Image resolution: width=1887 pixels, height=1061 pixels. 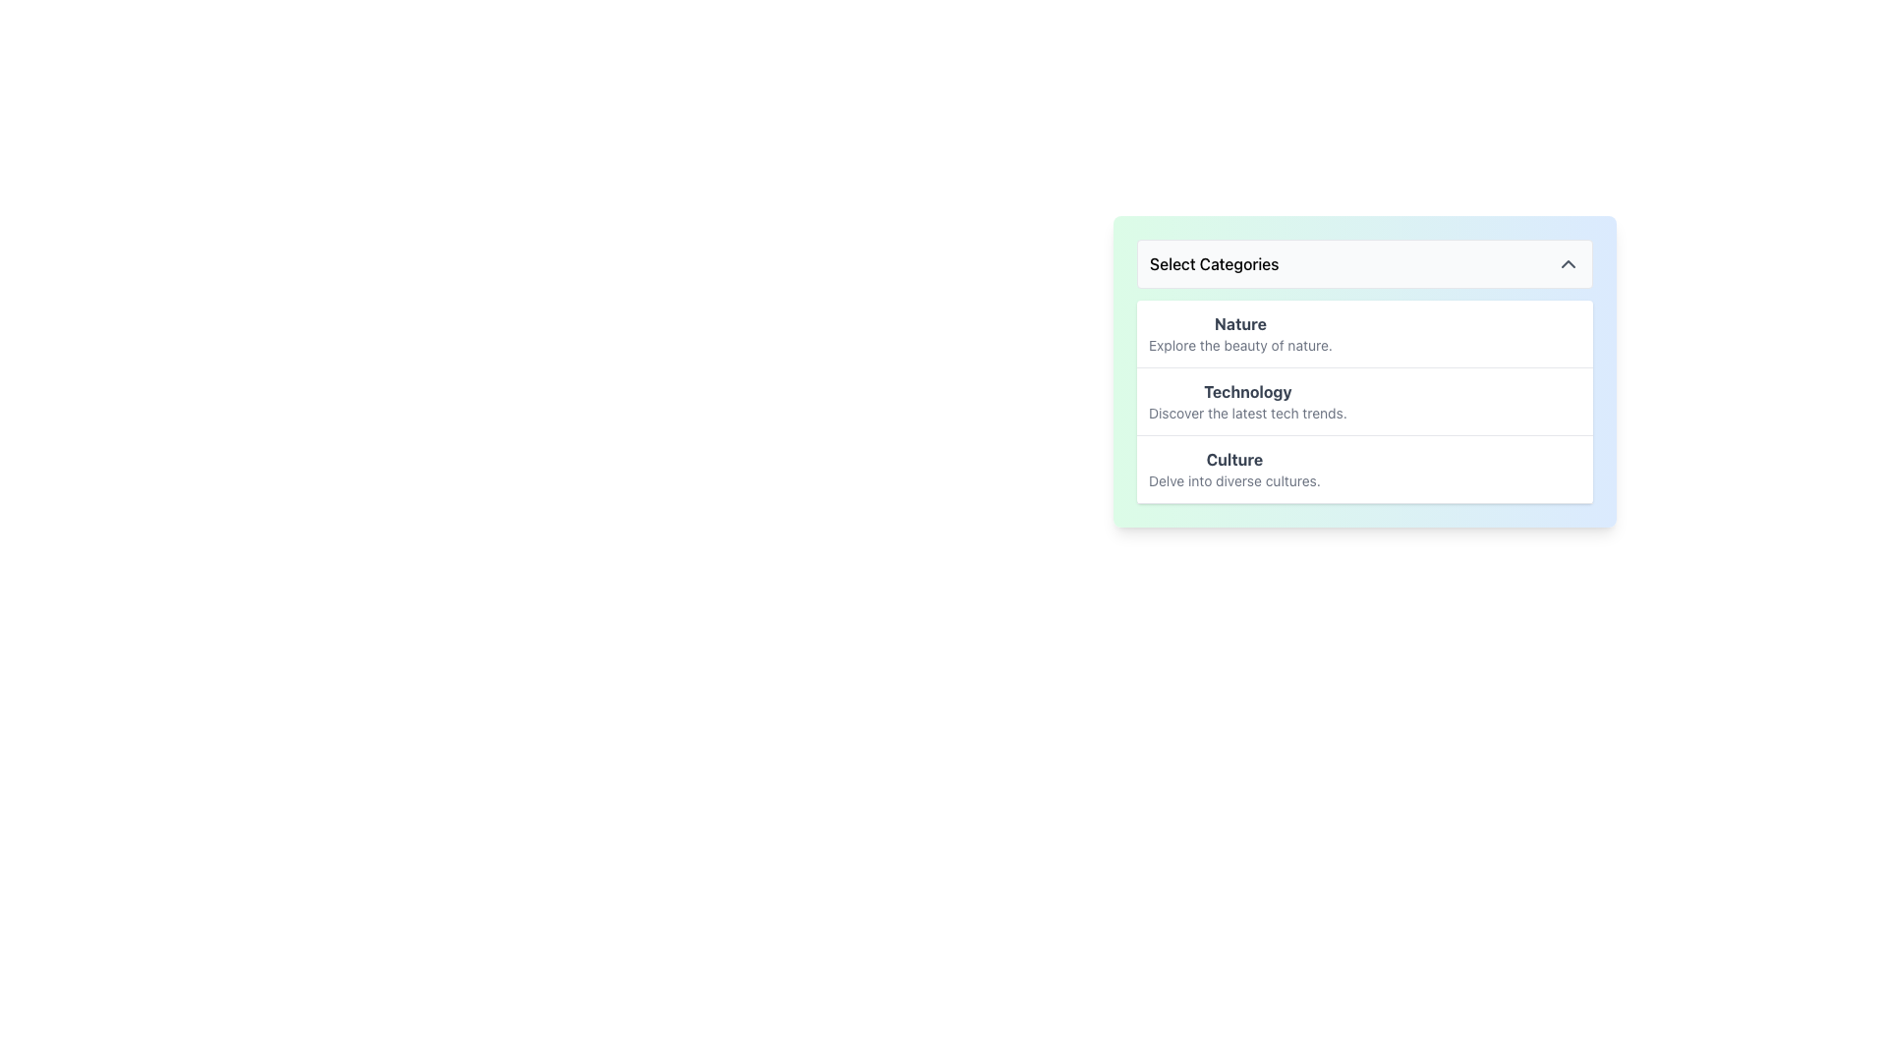 I want to click on the text element displaying the word 'Nature' in a bold gray font located at the beginning of the section titled 'Nature', so click(x=1239, y=323).